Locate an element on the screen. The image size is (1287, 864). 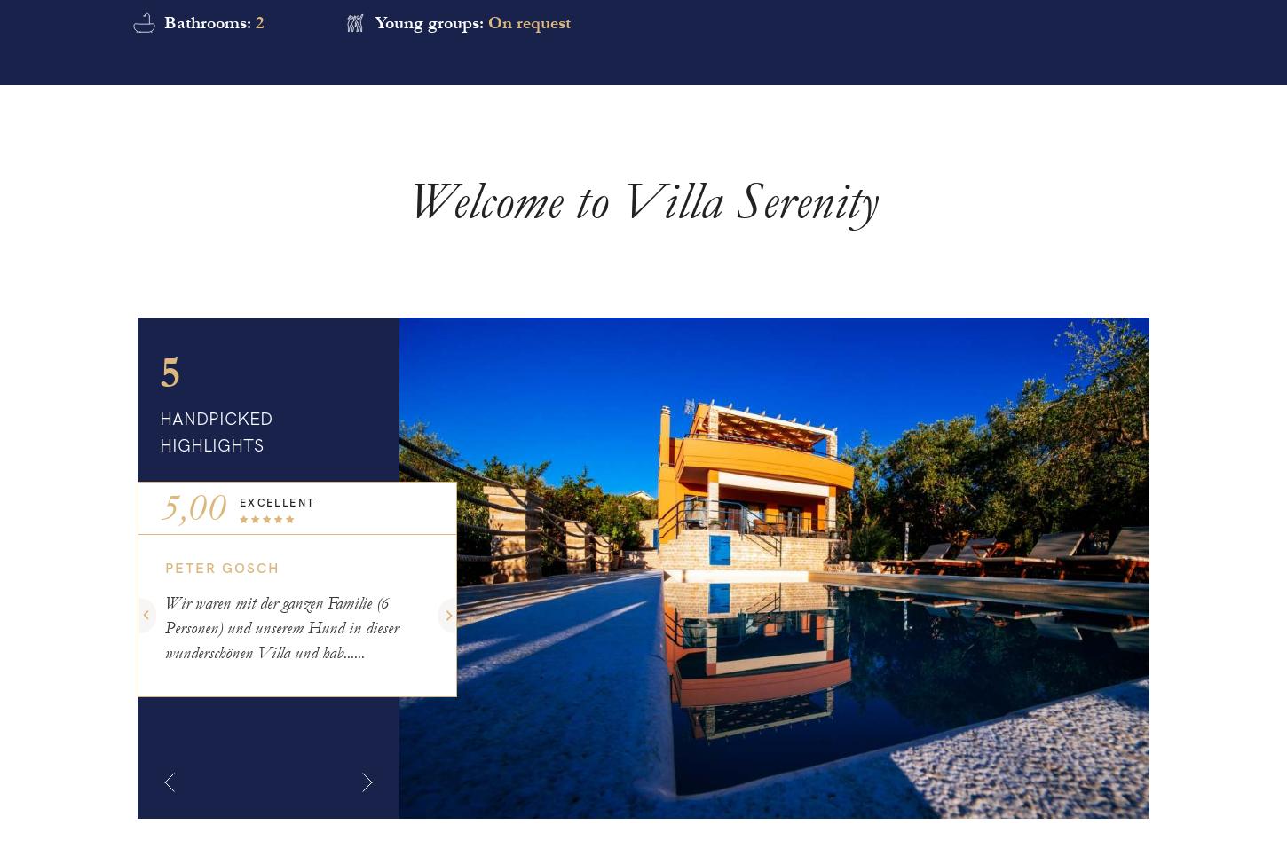
'This website uses cookies. Cookies are used to personalize the content and ads, to provide social media features and analyze website traffic.' is located at coordinates (1101, 771).